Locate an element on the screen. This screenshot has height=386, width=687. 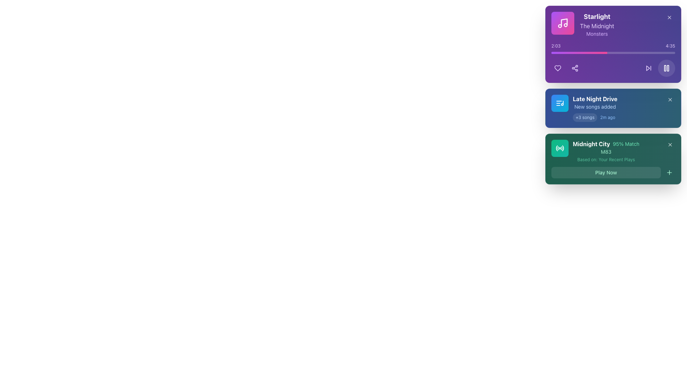
the progress indicator that visually represents the current playback progress of a music track, located inside a horizontal progress bar at the top of the interface is located at coordinates (579, 52).